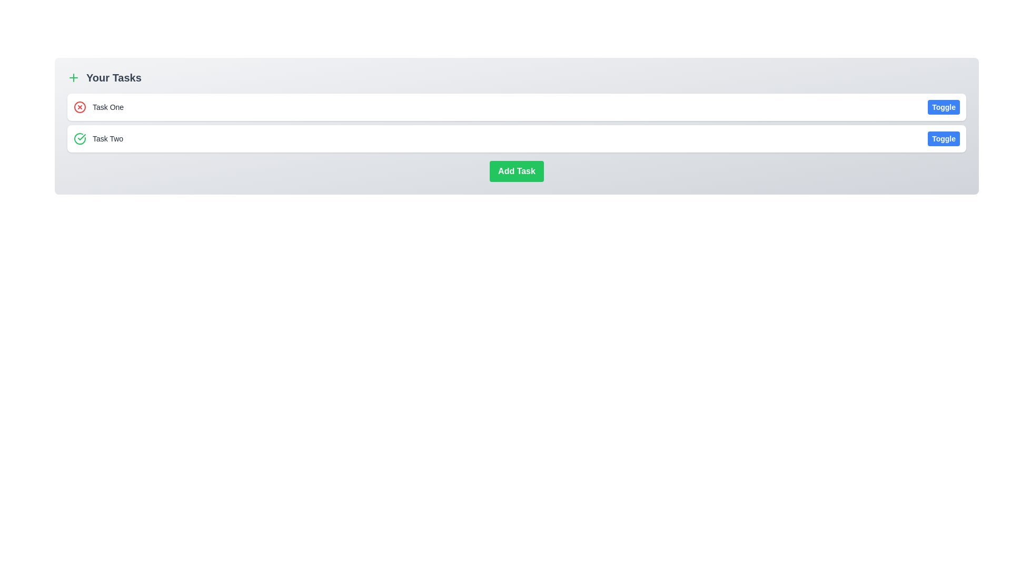 The height and width of the screenshot is (568, 1011). What do you see at coordinates (108, 138) in the screenshot?
I see `text from the 'Task Two' label element, which is styled with medium font weight and gray color, located in the second task entry row of the interface` at bounding box center [108, 138].